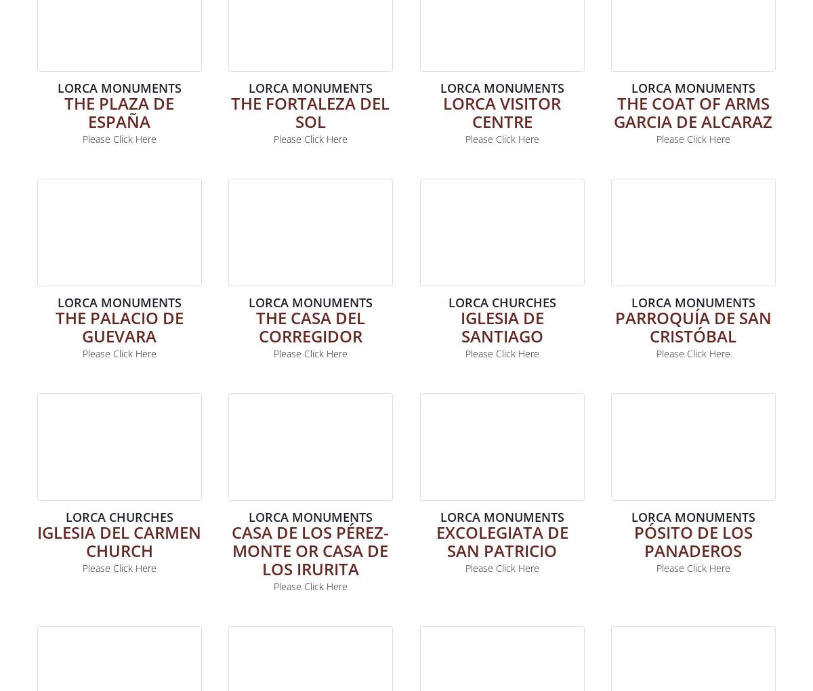  I want to click on 'THE FORTALEZA DEL SOL', so click(310, 110).